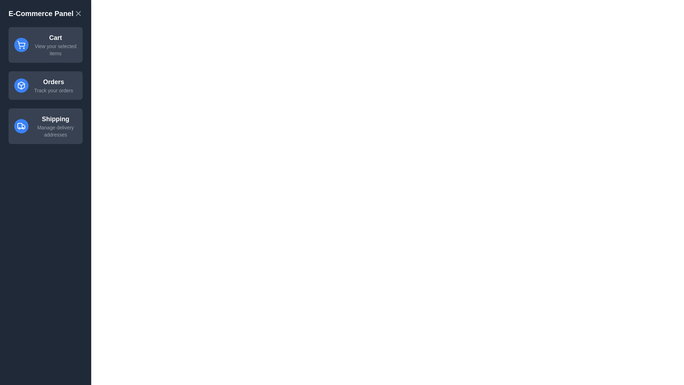  Describe the element at coordinates (45, 126) in the screenshot. I see `the 'Shipping' option in the ECommerceDrawer` at that location.